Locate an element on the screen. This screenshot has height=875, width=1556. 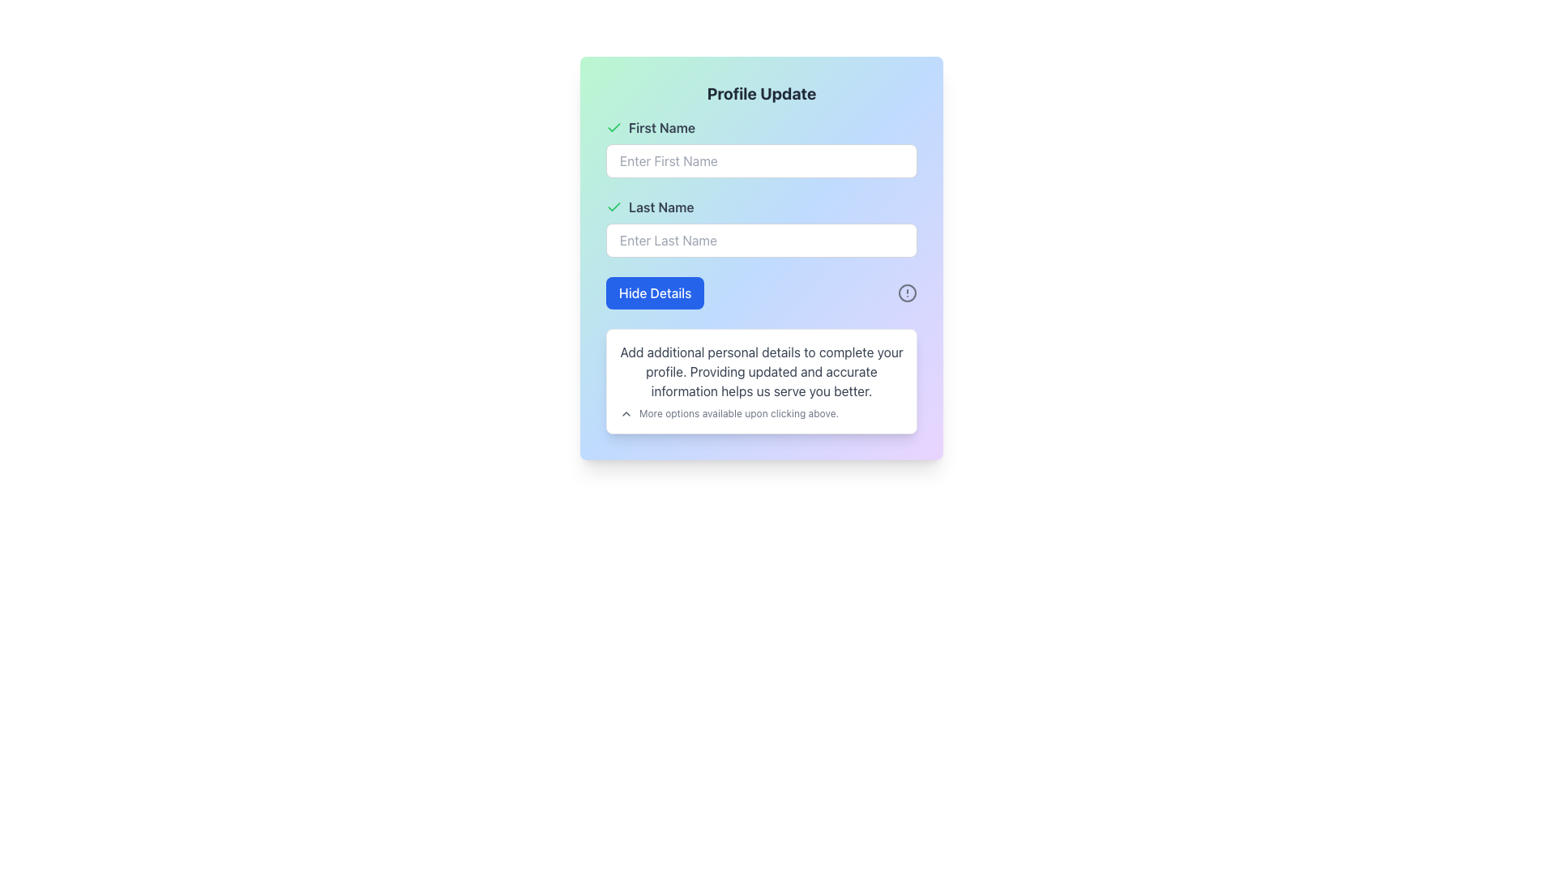
text block indicating 'More options available upon clicking above.' which is accompanied by an upward-pointing chevron icon, located in the lower section of a white card for profile updates is located at coordinates (761, 412).